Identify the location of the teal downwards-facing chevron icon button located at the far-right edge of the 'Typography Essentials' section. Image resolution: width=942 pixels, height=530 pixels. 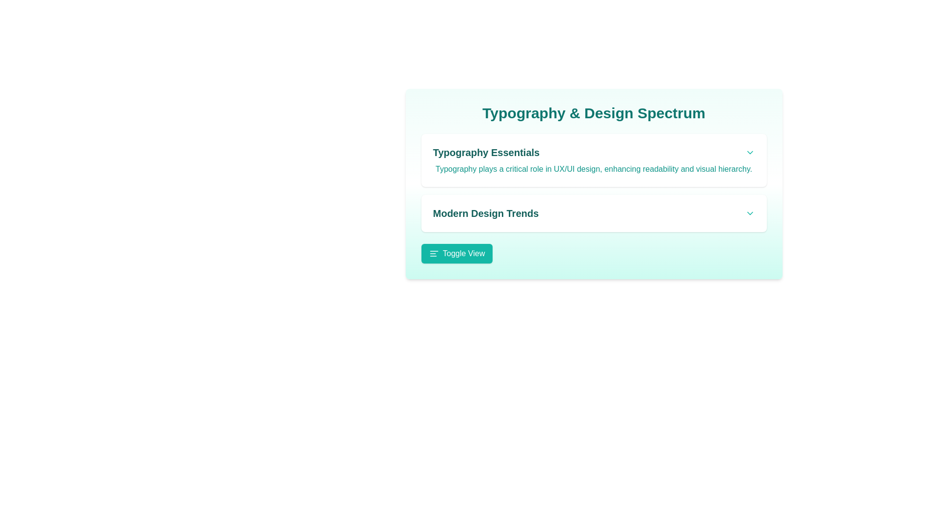
(749, 153).